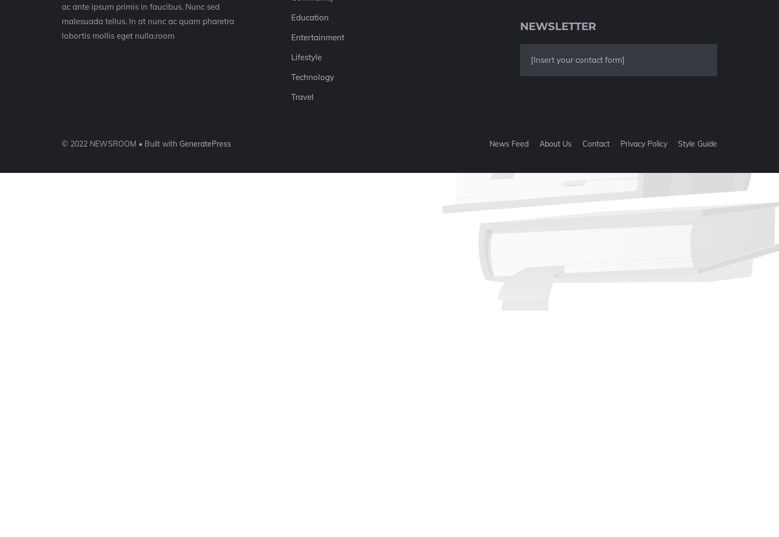  Describe the element at coordinates (643, 143) in the screenshot. I see `'Privacy policy'` at that location.